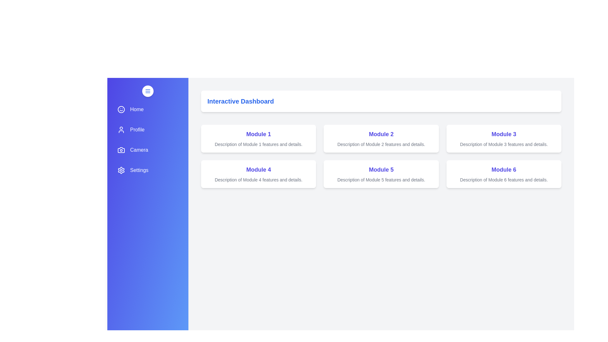 The width and height of the screenshot is (608, 342). I want to click on the central circular part of the smiley face icon in the left sidebar for interaction, so click(121, 109).